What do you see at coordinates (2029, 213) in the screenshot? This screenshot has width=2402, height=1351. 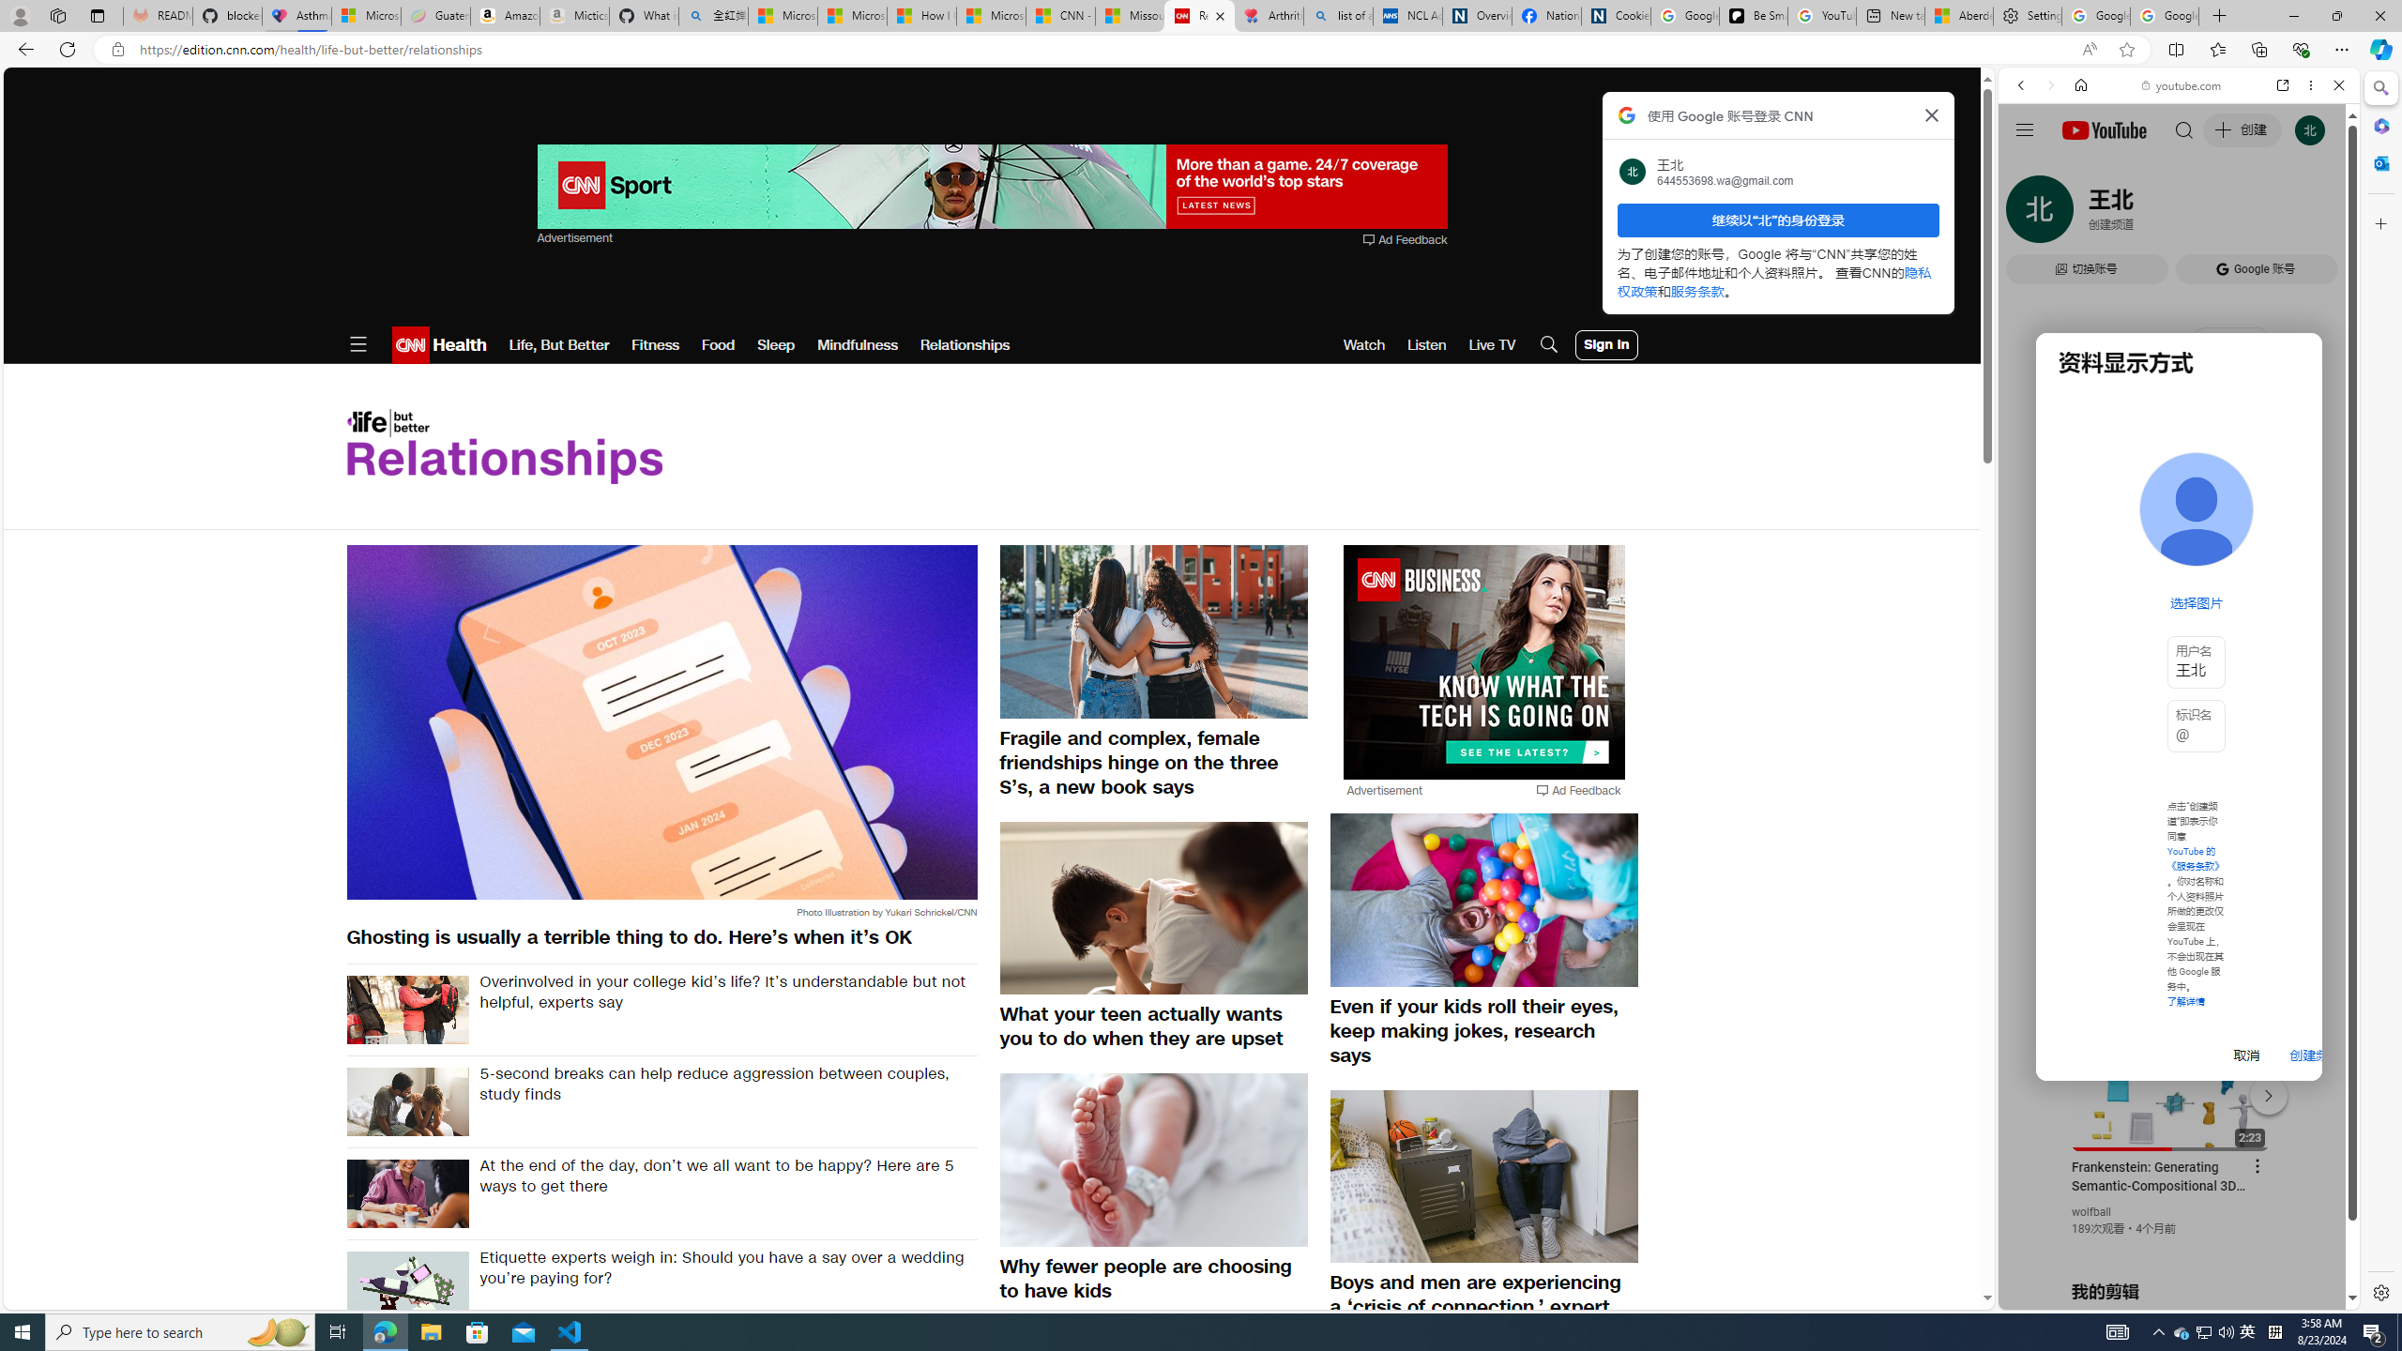 I see `'Search Filter, WEB'` at bounding box center [2029, 213].